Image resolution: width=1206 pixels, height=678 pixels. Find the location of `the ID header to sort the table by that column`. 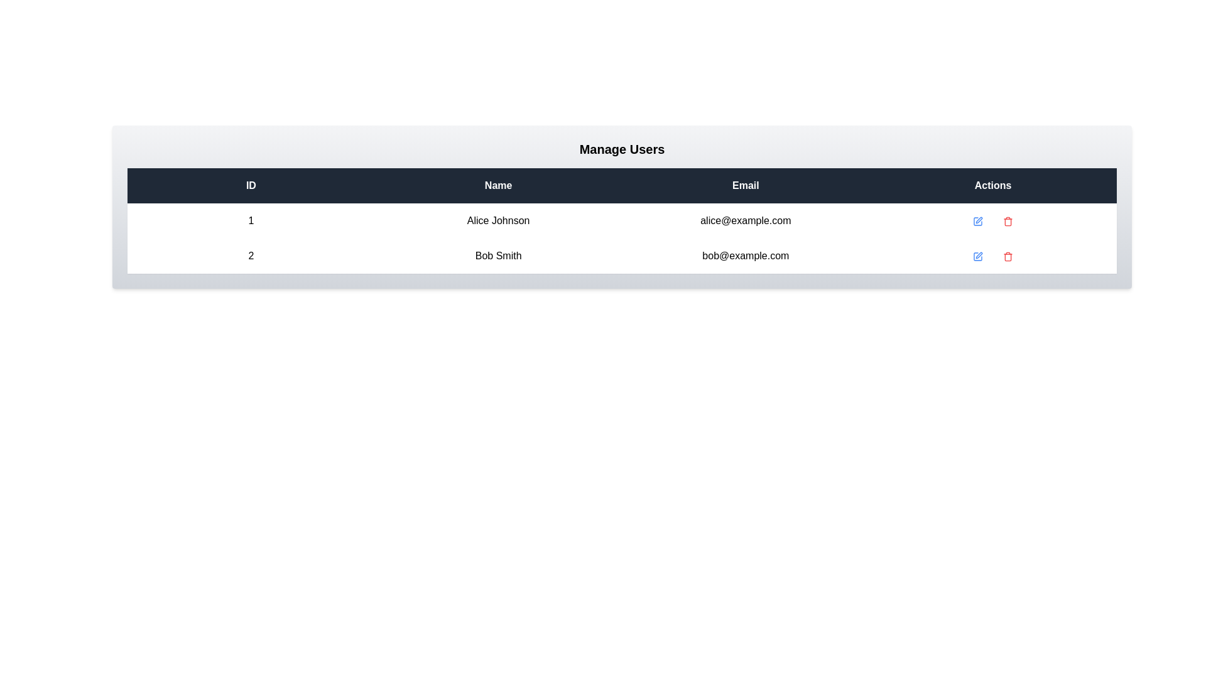

the ID header to sort the table by that column is located at coordinates (251, 186).